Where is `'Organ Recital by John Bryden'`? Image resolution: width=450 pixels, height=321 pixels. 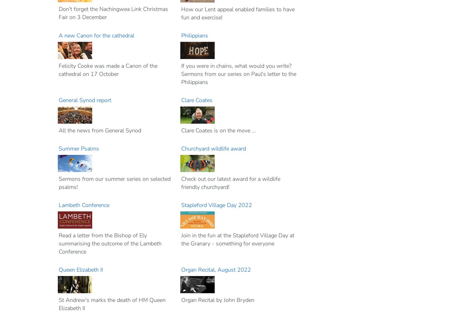 'Organ Recital by John Bryden' is located at coordinates (181, 300).